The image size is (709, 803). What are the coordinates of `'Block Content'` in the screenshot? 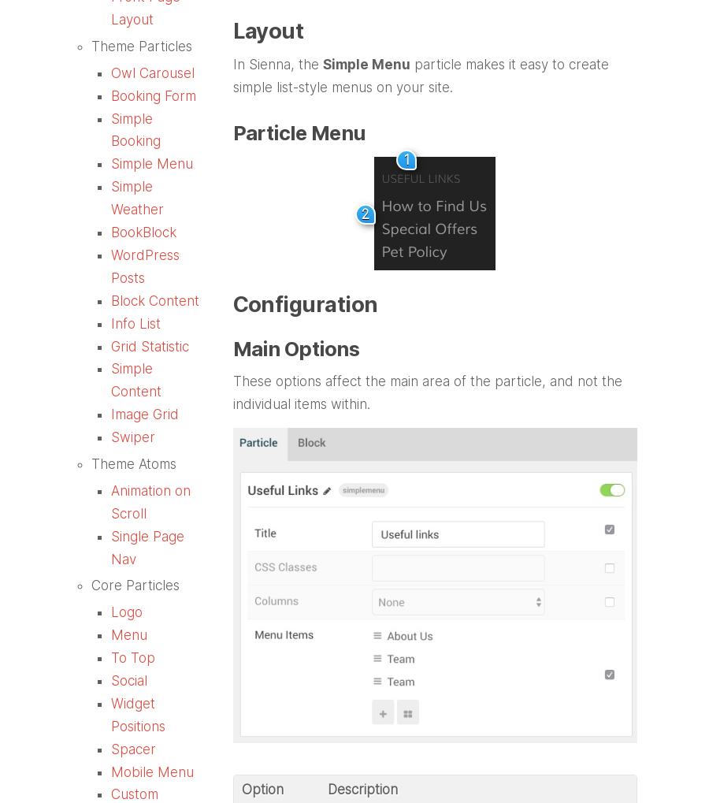 It's located at (155, 299).